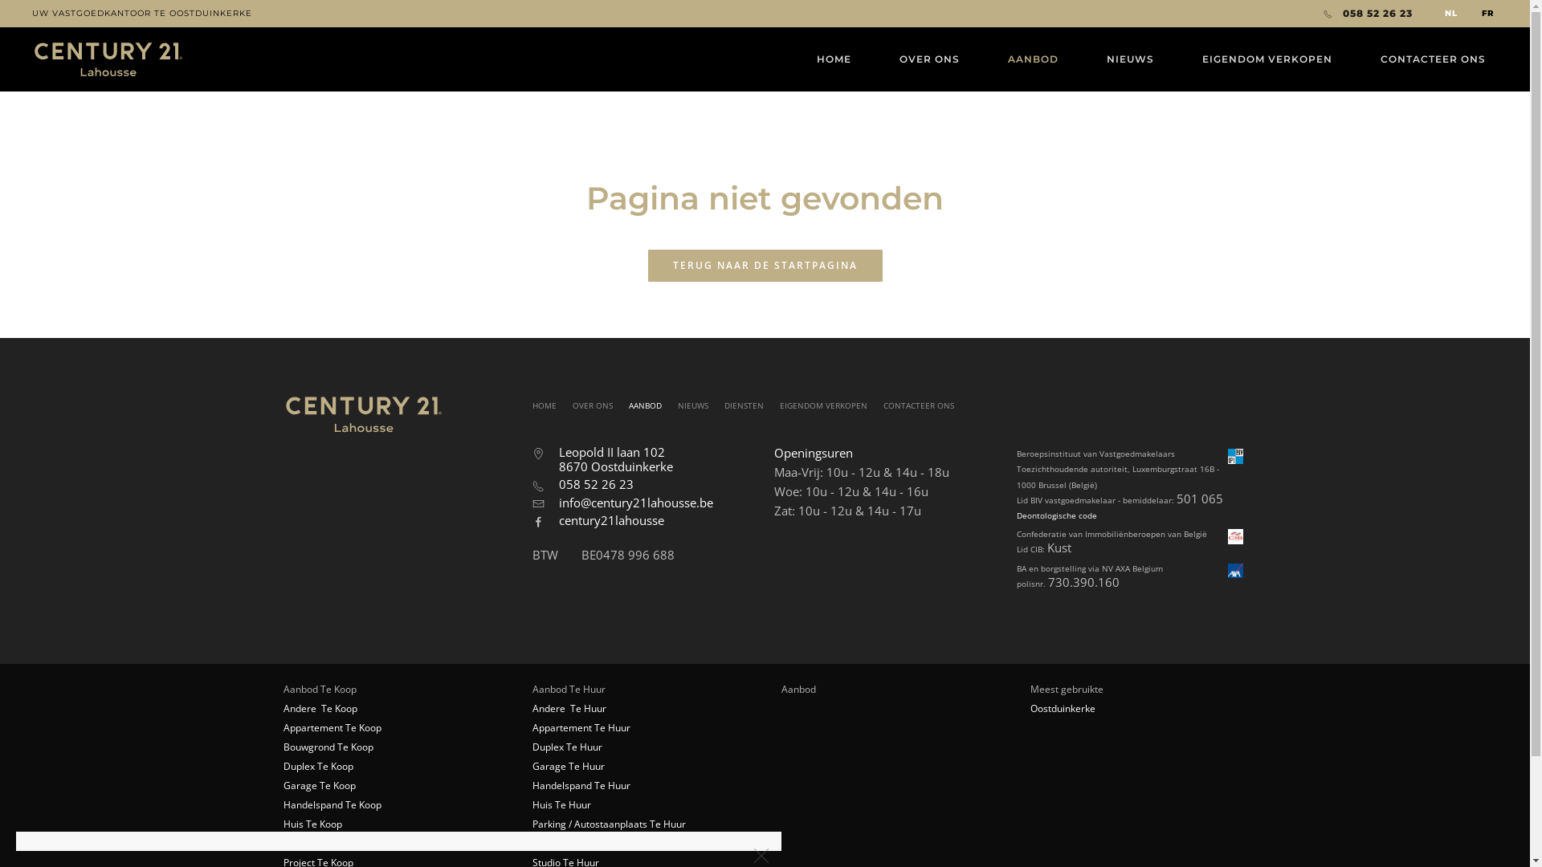  What do you see at coordinates (1367, 13) in the screenshot?
I see `'058 52 26 23'` at bounding box center [1367, 13].